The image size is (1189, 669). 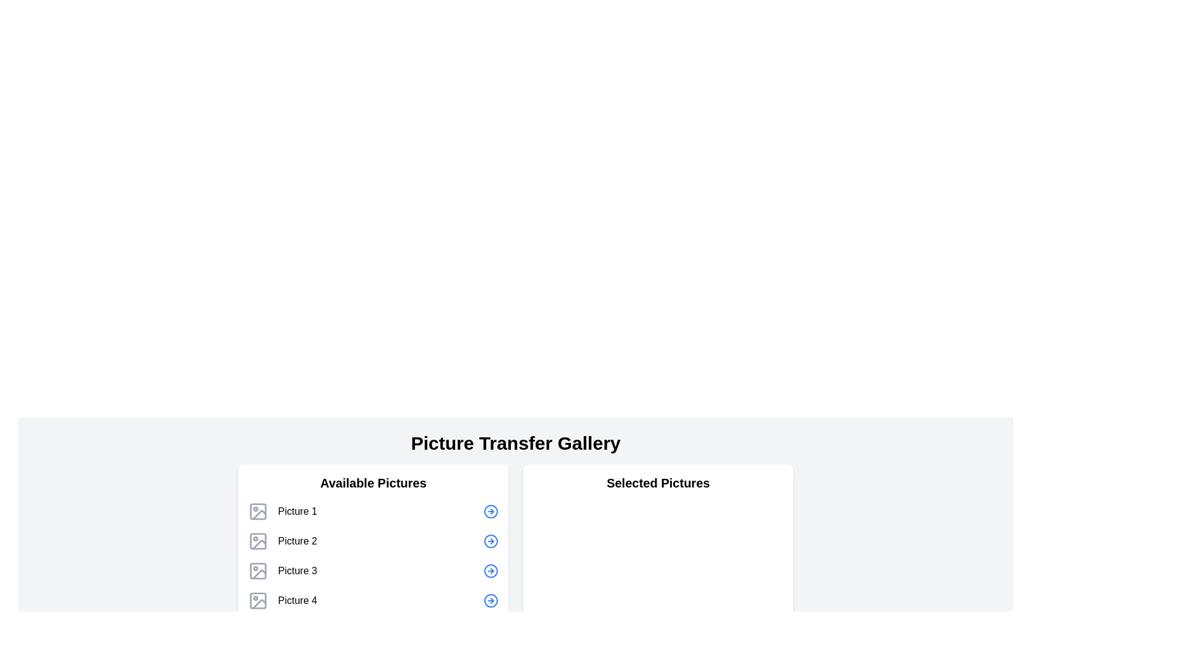 I want to click on the first list item with a label and icon under the 'Available Pictures' section, so click(x=282, y=511).